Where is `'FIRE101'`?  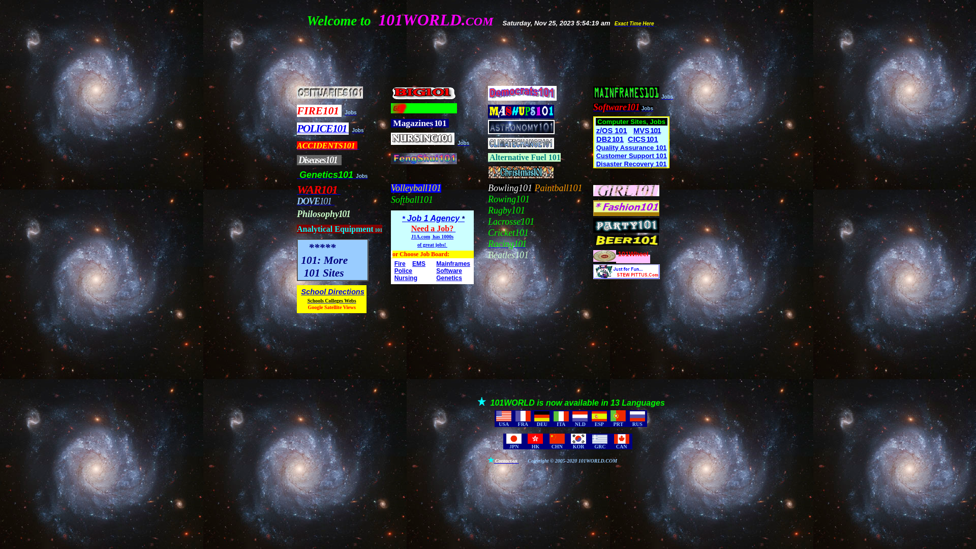
'FIRE101' is located at coordinates (319, 111).